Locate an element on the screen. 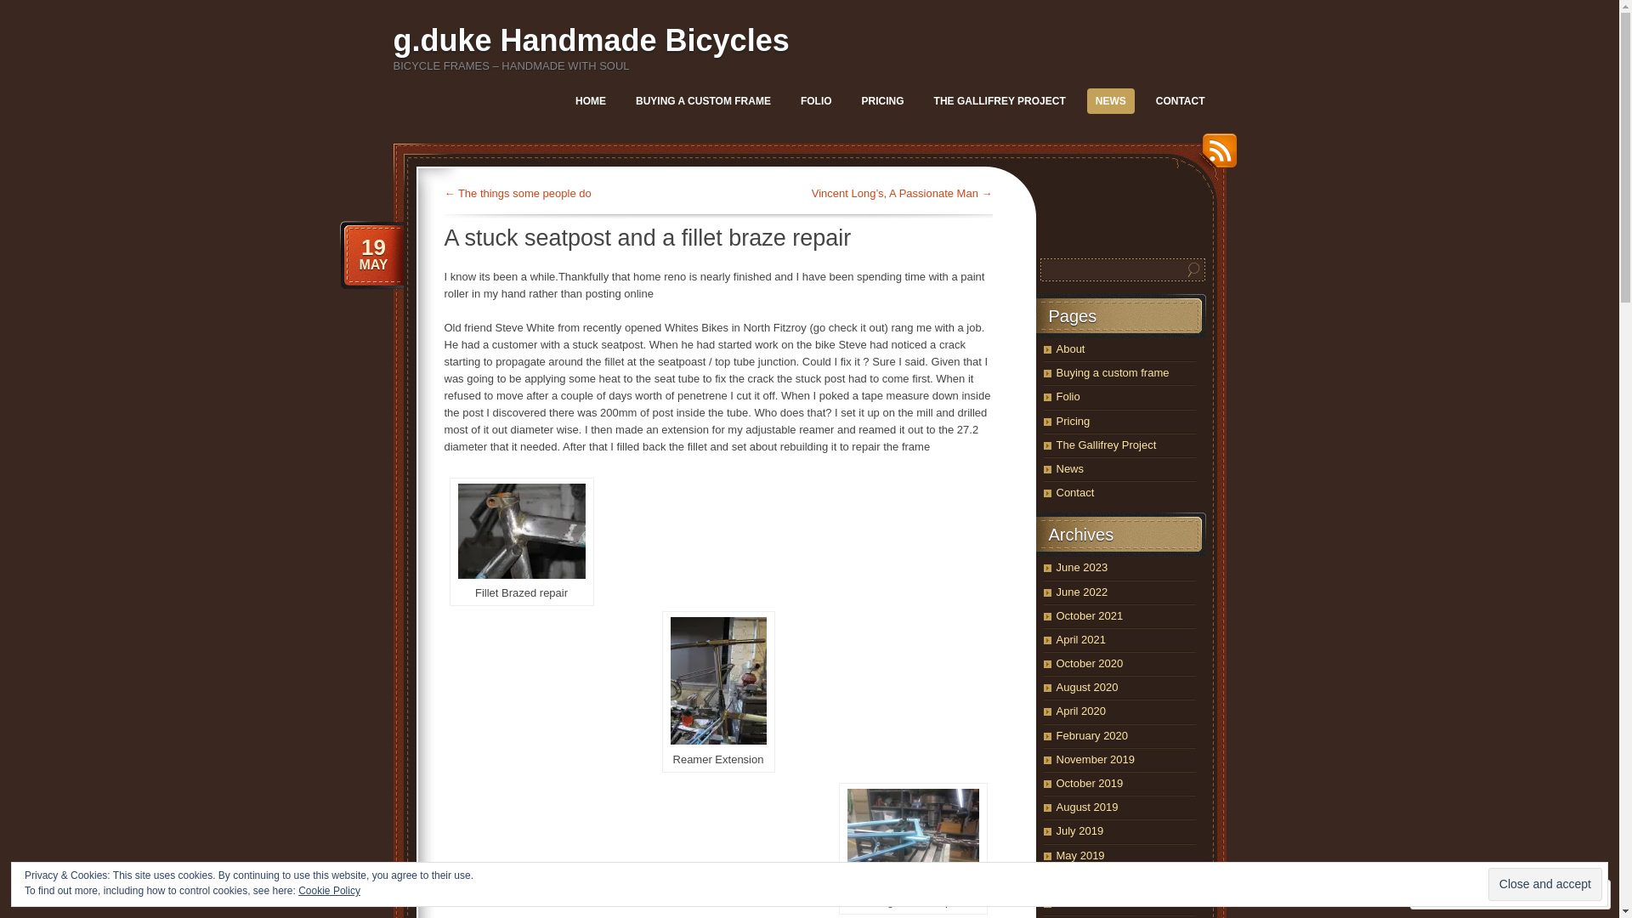 Image resolution: width=1632 pixels, height=918 pixels. 'Follow' is located at coordinates (1541, 893).